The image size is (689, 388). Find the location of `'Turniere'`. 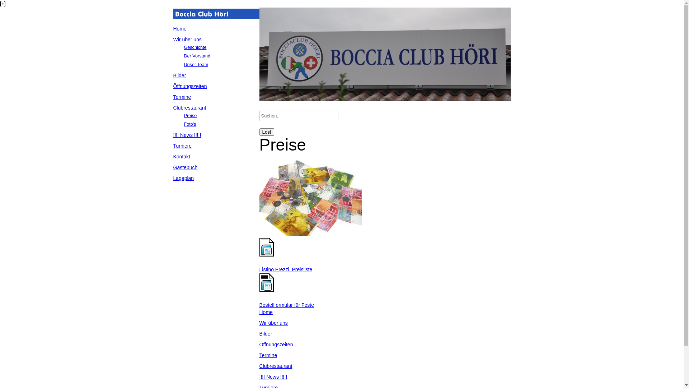

'Turniere' is located at coordinates (182, 145).